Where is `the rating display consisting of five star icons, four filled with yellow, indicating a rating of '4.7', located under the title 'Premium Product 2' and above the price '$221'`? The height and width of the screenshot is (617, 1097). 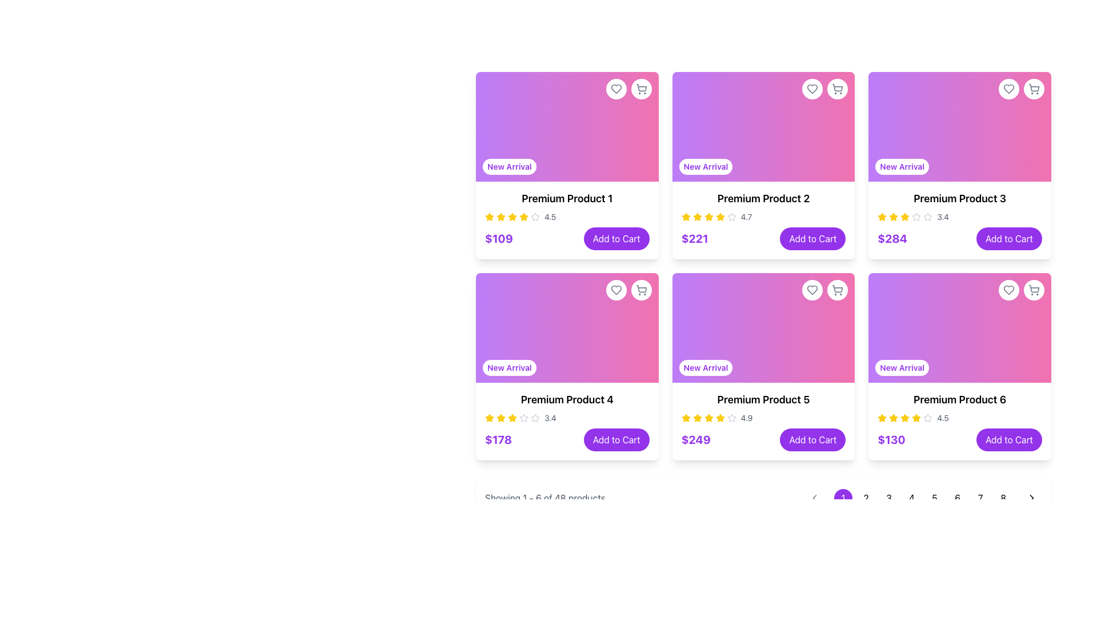 the rating display consisting of five star icons, four filled with yellow, indicating a rating of '4.7', located under the title 'Premium Product 2' and above the price '$221' is located at coordinates (763, 217).